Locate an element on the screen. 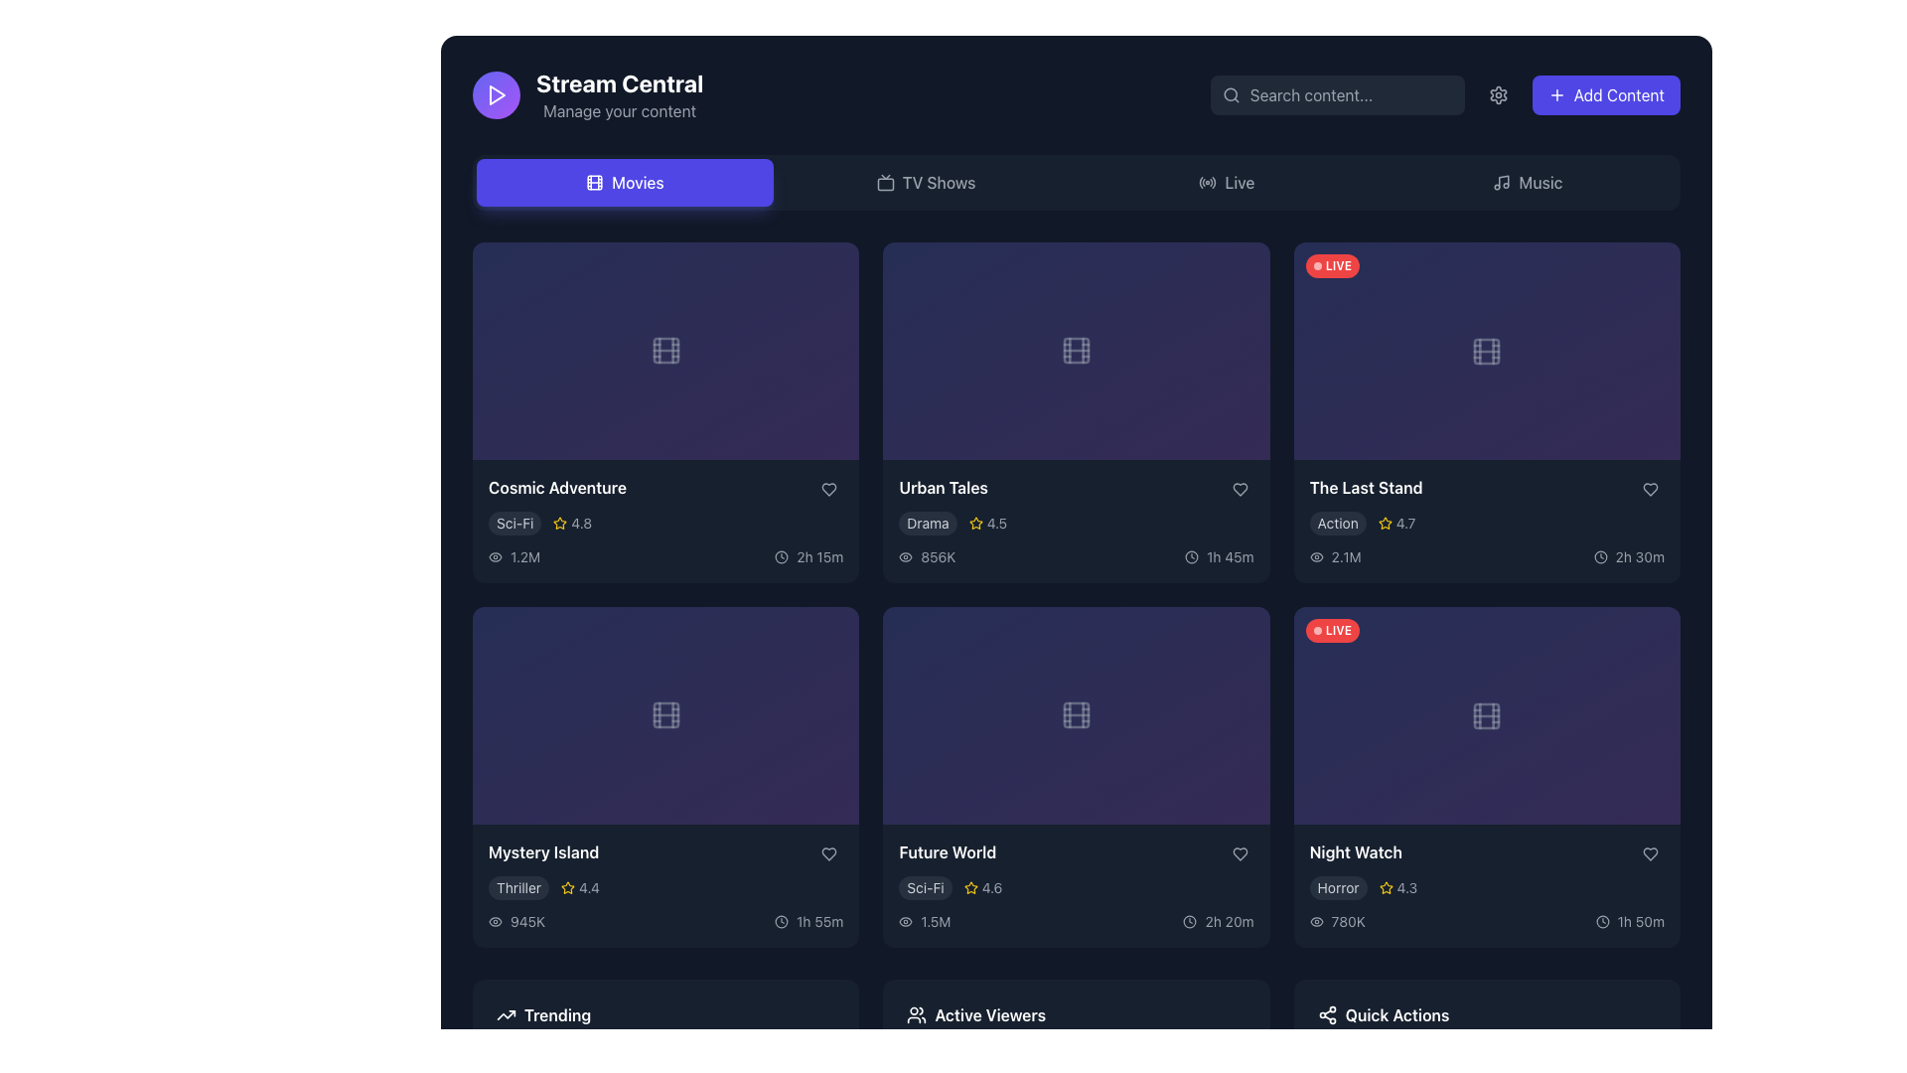 The height and width of the screenshot is (1073, 1907). the yellow star icon representing a rating of 4.5 in the 'Urban Tales' card is located at coordinates (975, 522).